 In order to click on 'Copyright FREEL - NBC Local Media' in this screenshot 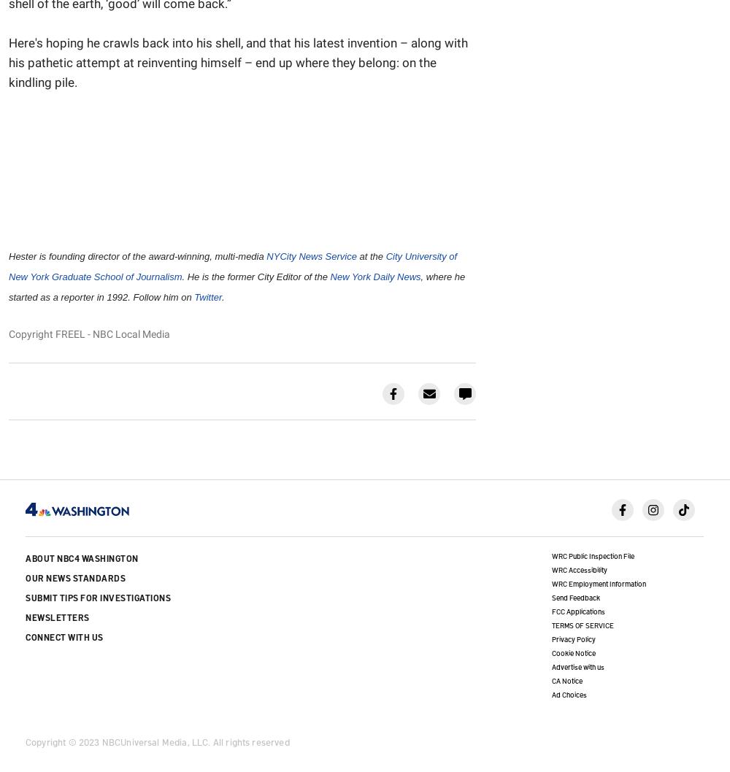, I will do `click(9, 333)`.